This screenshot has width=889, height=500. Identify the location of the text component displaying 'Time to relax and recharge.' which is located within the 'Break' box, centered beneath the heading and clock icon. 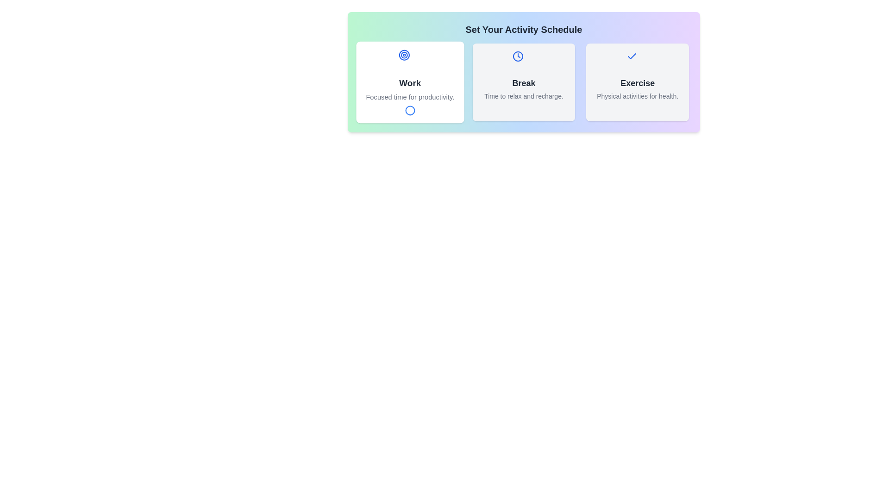
(524, 96).